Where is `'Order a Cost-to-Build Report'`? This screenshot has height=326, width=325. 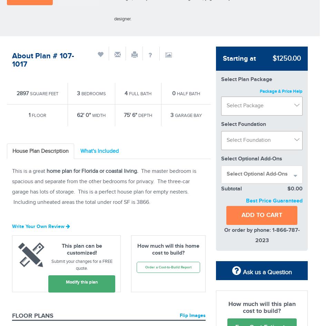
'Order a Cost-to-Build Report' is located at coordinates (168, 267).